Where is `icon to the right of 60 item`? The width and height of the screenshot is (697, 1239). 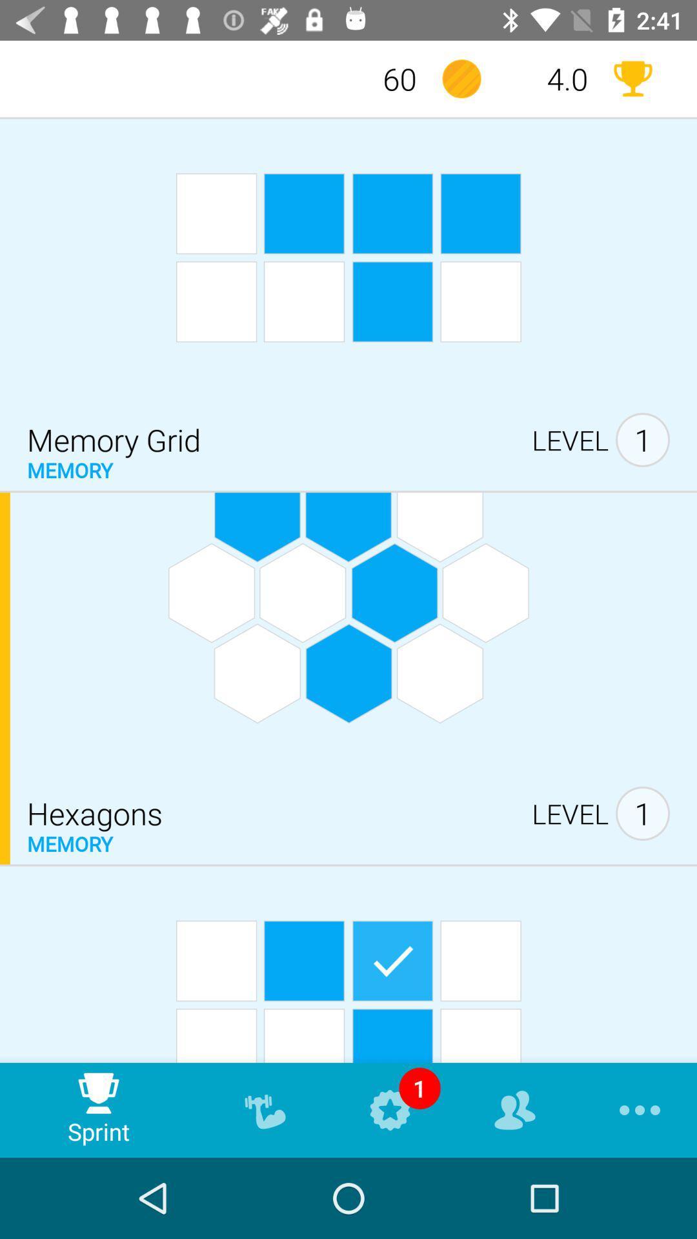 icon to the right of 60 item is located at coordinates (461, 78).